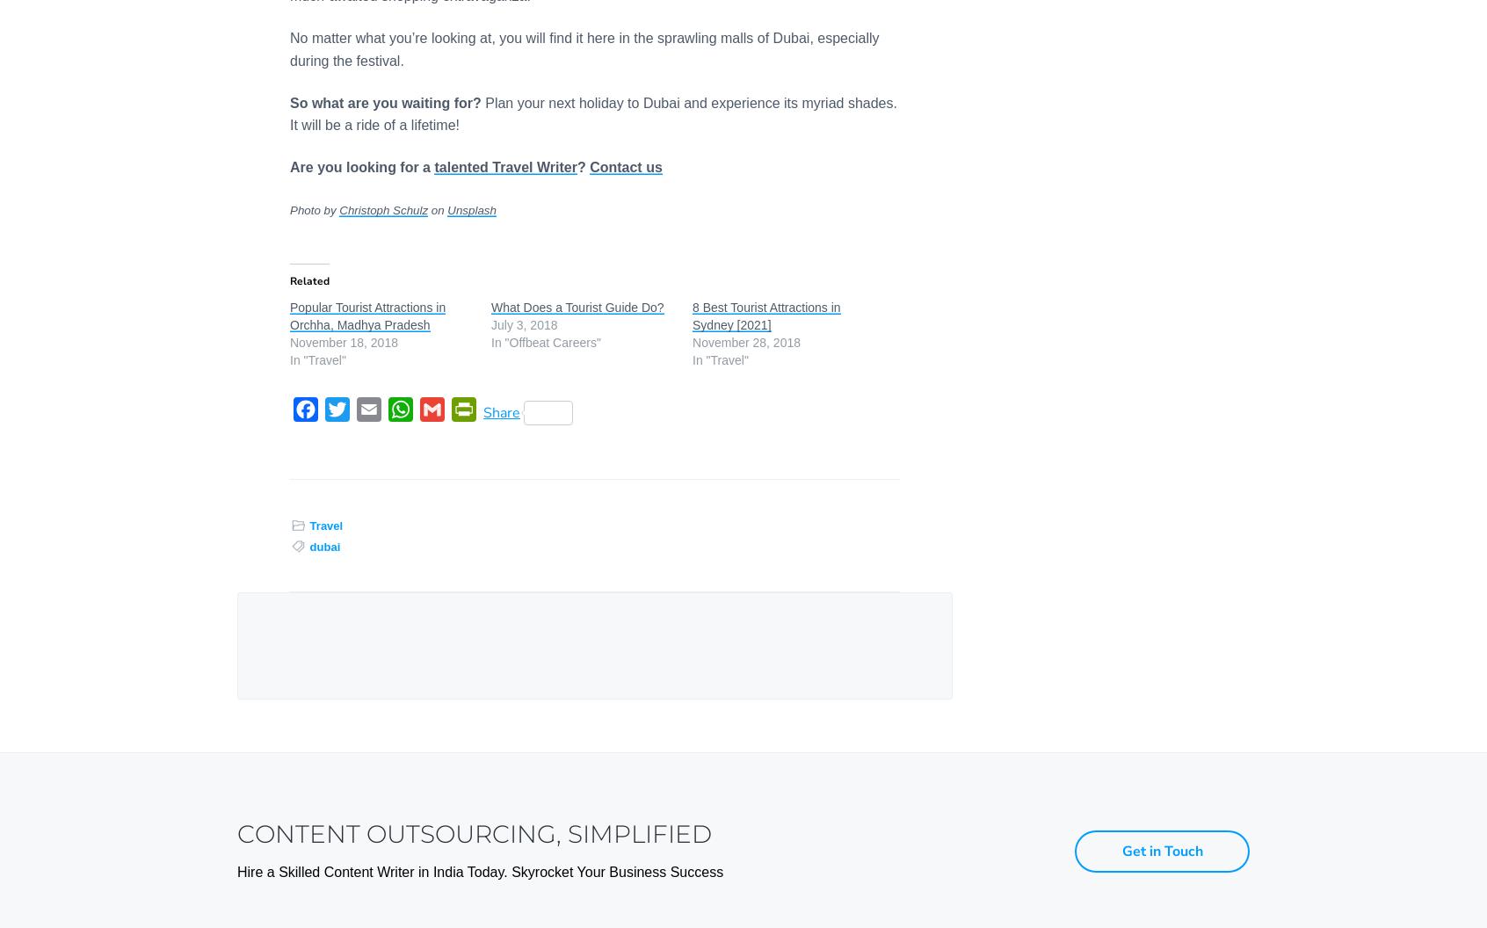 The height and width of the screenshot is (928, 1487). What do you see at coordinates (501, 412) in the screenshot?
I see `'Share'` at bounding box center [501, 412].